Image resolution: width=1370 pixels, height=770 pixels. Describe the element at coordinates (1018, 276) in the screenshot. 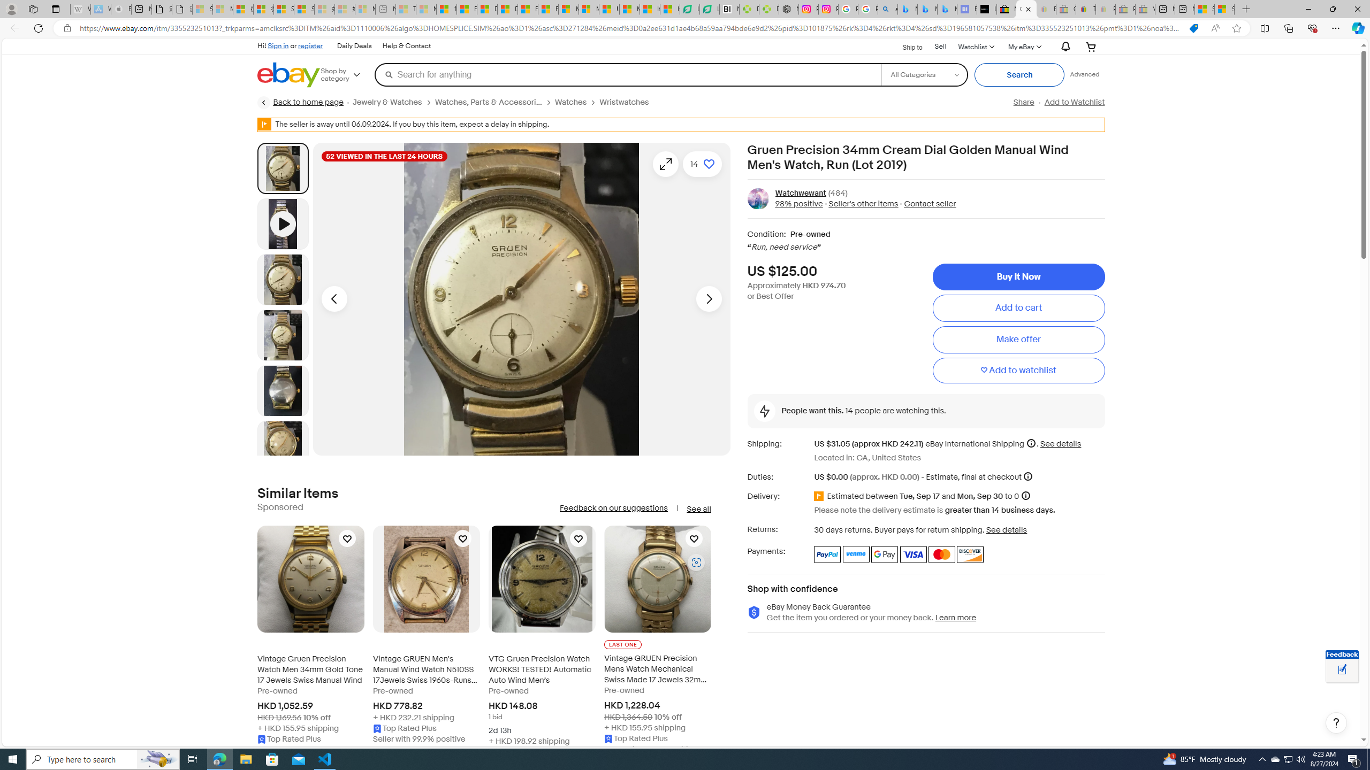

I see `'Buy It Now'` at that location.